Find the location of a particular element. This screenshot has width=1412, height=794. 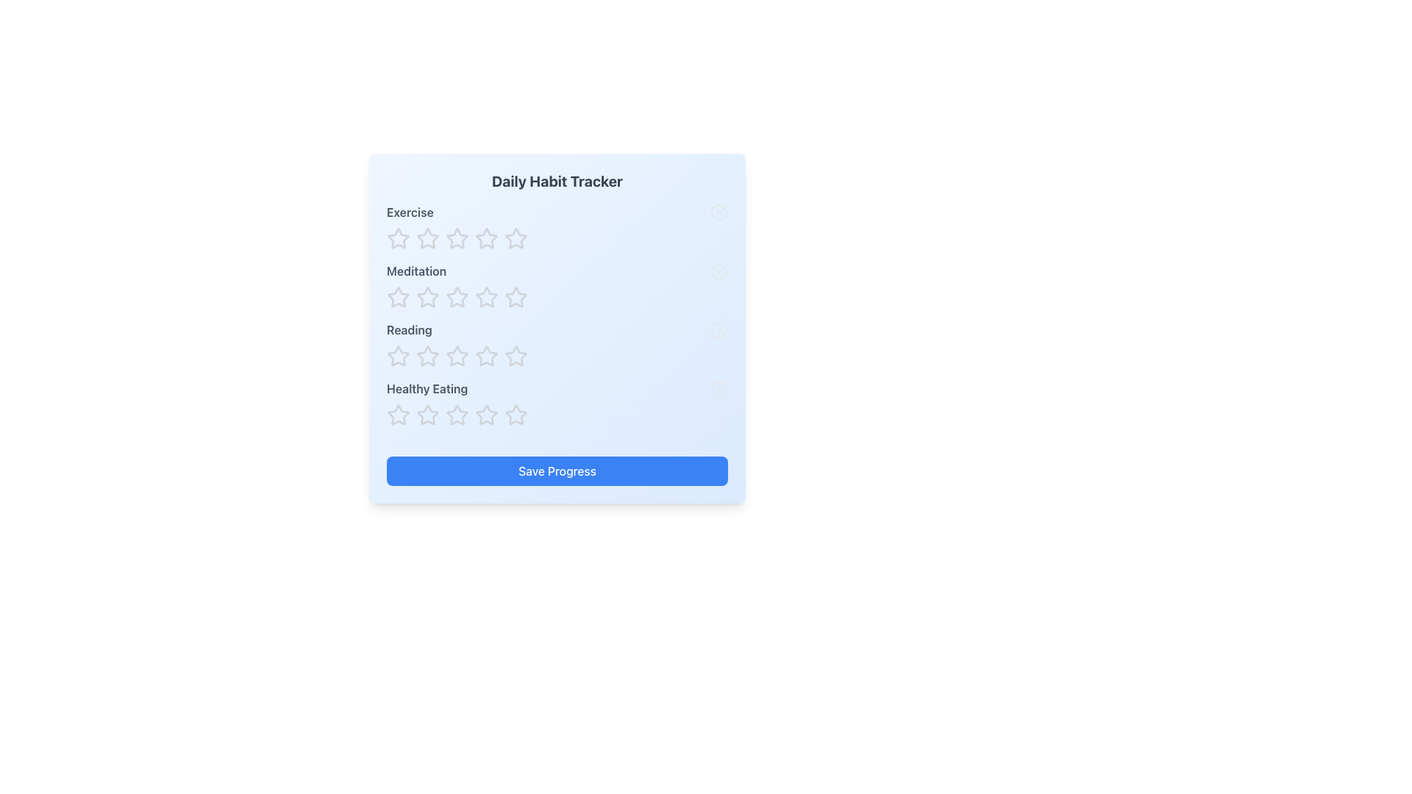

'Meditation' label which is positioned on the left side of the row, adjacent to a series of icons on the right is located at coordinates (416, 271).